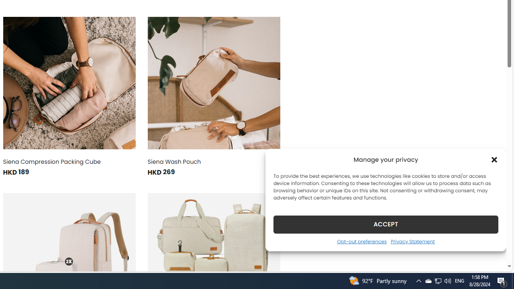  I want to click on 'Opt-out preferences', so click(361, 241).